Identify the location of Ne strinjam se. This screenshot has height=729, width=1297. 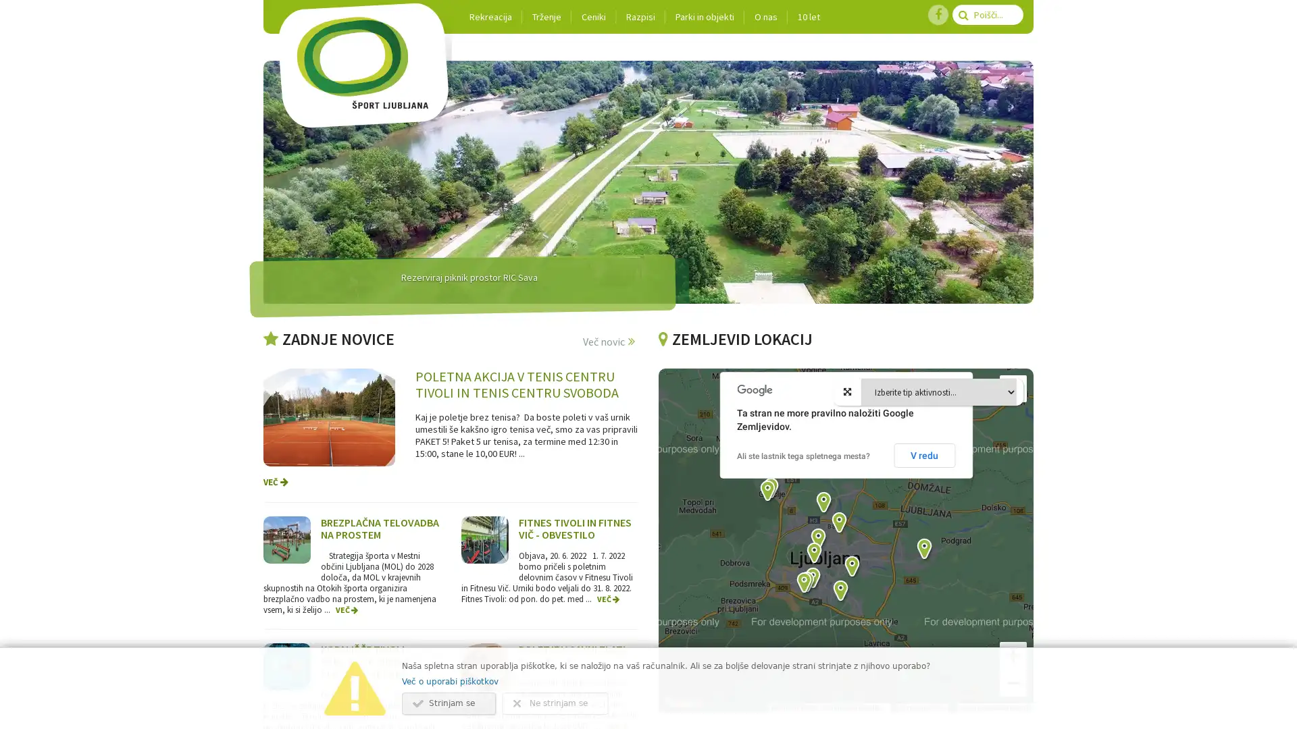
(555, 703).